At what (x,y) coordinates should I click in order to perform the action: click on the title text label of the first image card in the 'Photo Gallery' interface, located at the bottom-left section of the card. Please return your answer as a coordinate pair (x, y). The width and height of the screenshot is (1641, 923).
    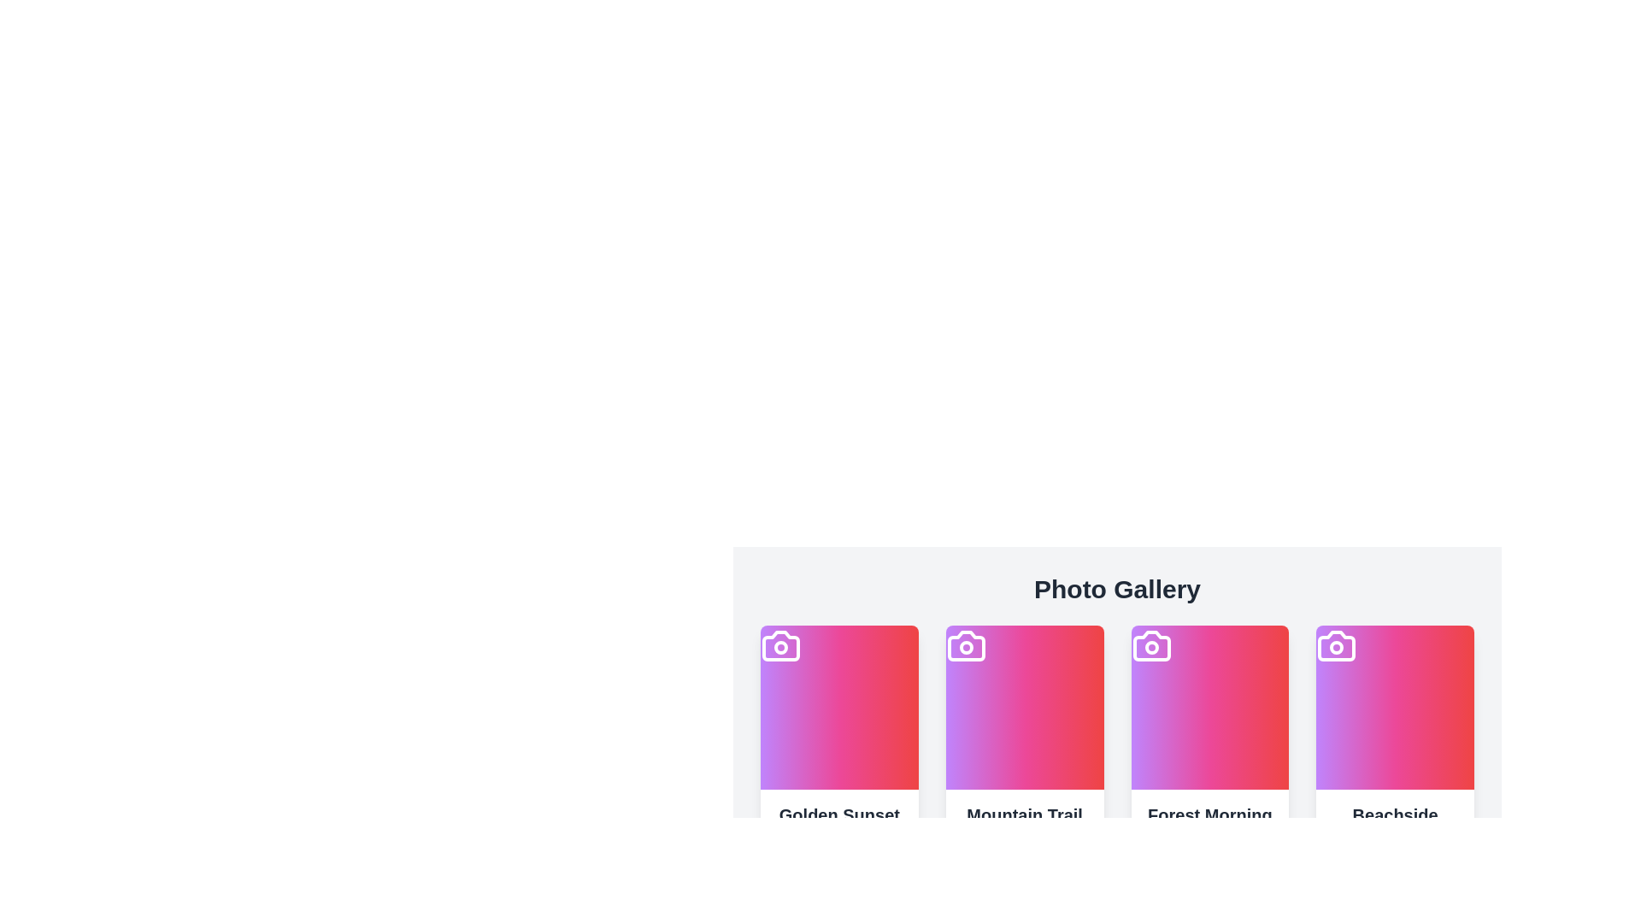
    Looking at the image, I should click on (839, 814).